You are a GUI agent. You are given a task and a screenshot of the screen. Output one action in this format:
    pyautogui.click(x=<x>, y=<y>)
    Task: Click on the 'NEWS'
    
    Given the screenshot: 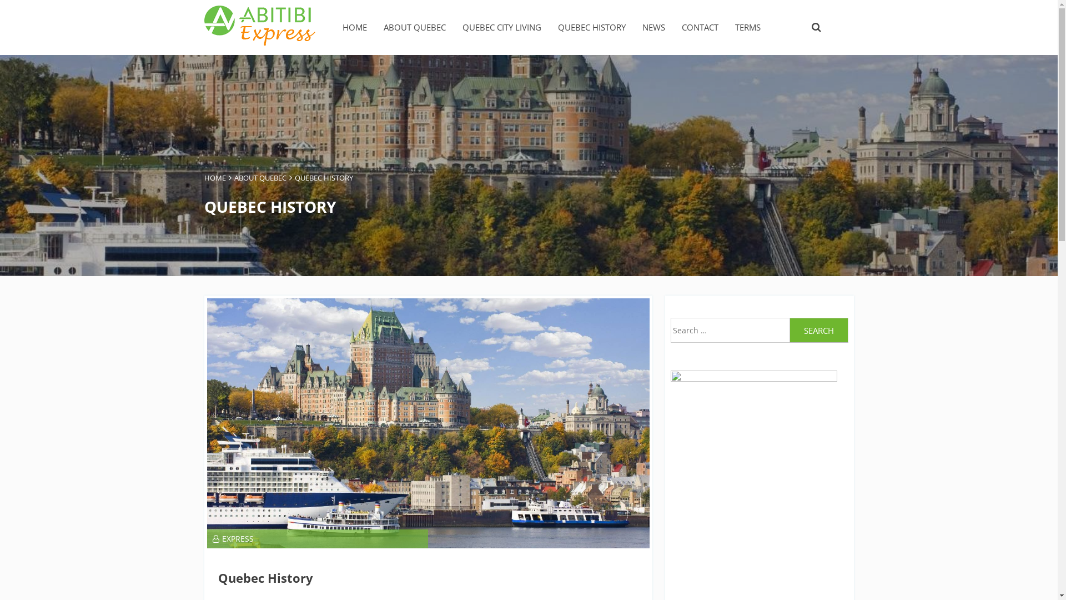 What is the action you would take?
    pyautogui.click(x=653, y=27)
    